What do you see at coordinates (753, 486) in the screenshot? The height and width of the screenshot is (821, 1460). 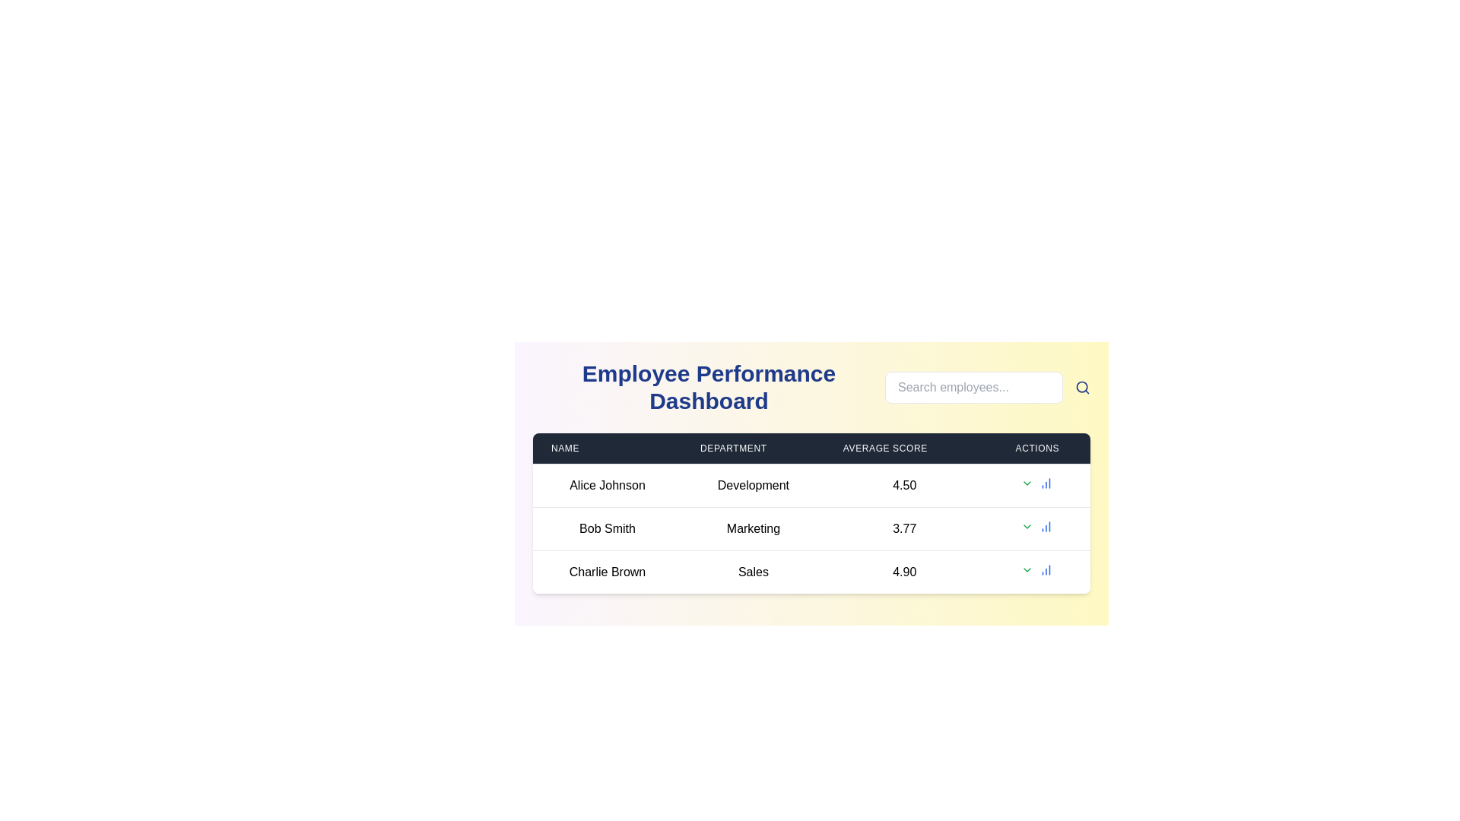 I see `the text label displaying the department name 'Development' located in the second column of the first data row of the table, positioned between 'Alice Johnson' and '4.50'` at bounding box center [753, 486].